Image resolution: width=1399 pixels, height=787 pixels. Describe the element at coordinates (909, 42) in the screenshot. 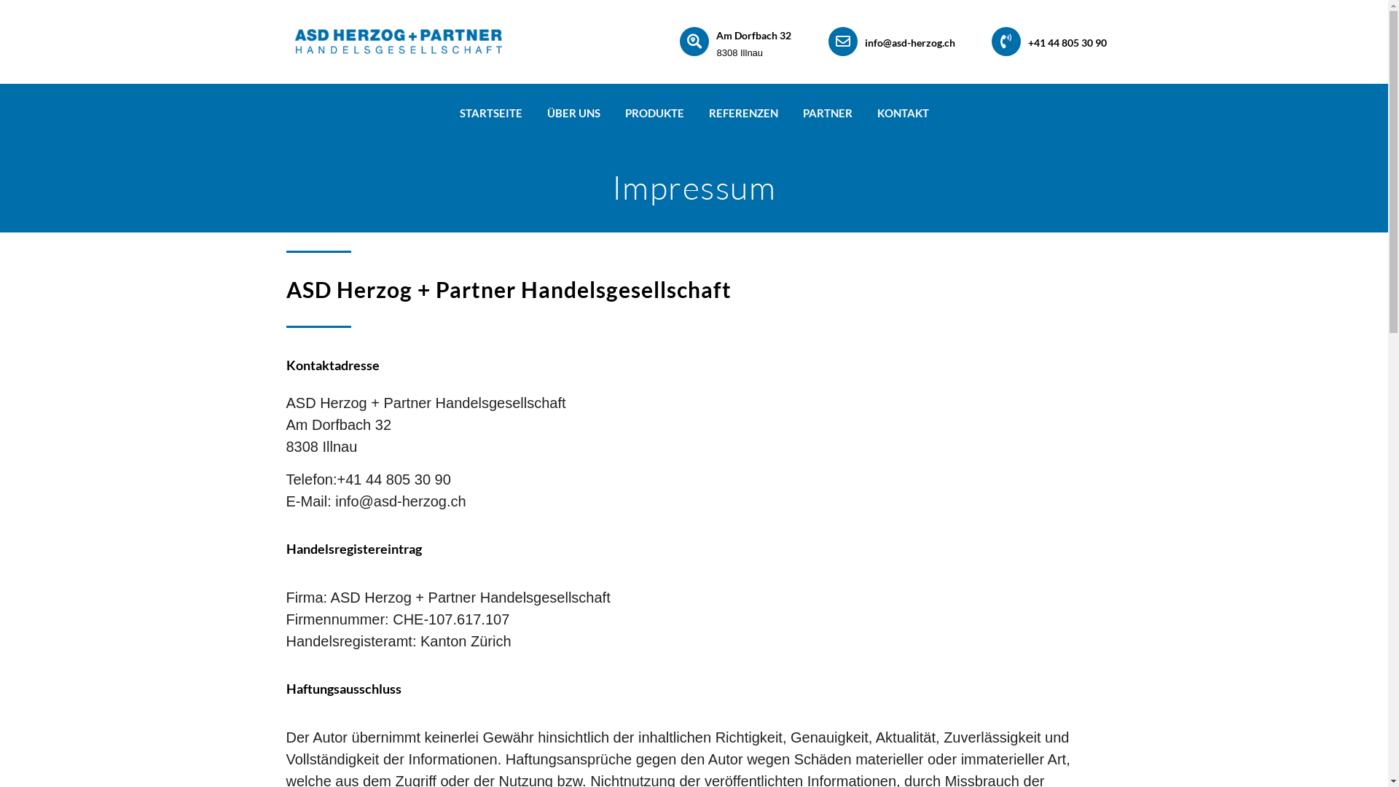

I see `'info@asd-herzog.ch'` at that location.